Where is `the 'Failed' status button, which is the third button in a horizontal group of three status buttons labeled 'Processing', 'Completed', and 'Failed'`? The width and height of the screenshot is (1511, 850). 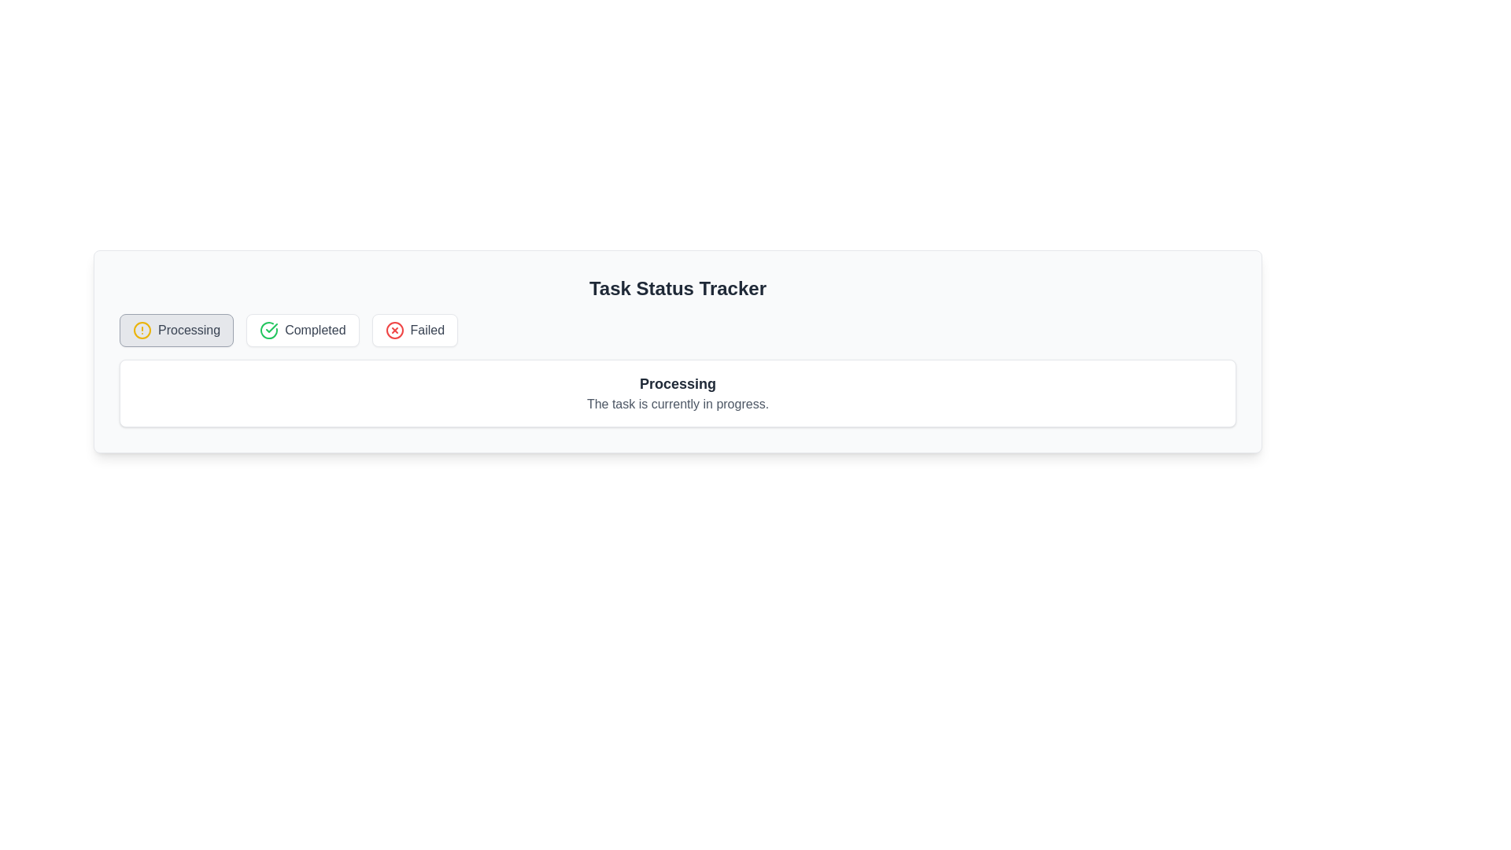 the 'Failed' status button, which is the third button in a horizontal group of three status buttons labeled 'Processing', 'Completed', and 'Failed' is located at coordinates (415, 330).